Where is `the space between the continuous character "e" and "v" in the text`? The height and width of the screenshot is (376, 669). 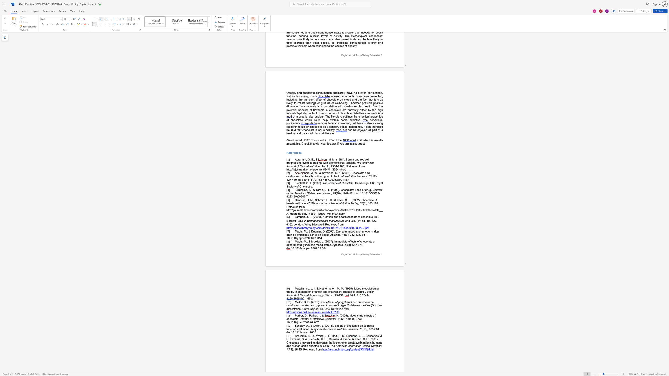
the space between the continuous character "e" and "v" in the text is located at coordinates (310, 349).